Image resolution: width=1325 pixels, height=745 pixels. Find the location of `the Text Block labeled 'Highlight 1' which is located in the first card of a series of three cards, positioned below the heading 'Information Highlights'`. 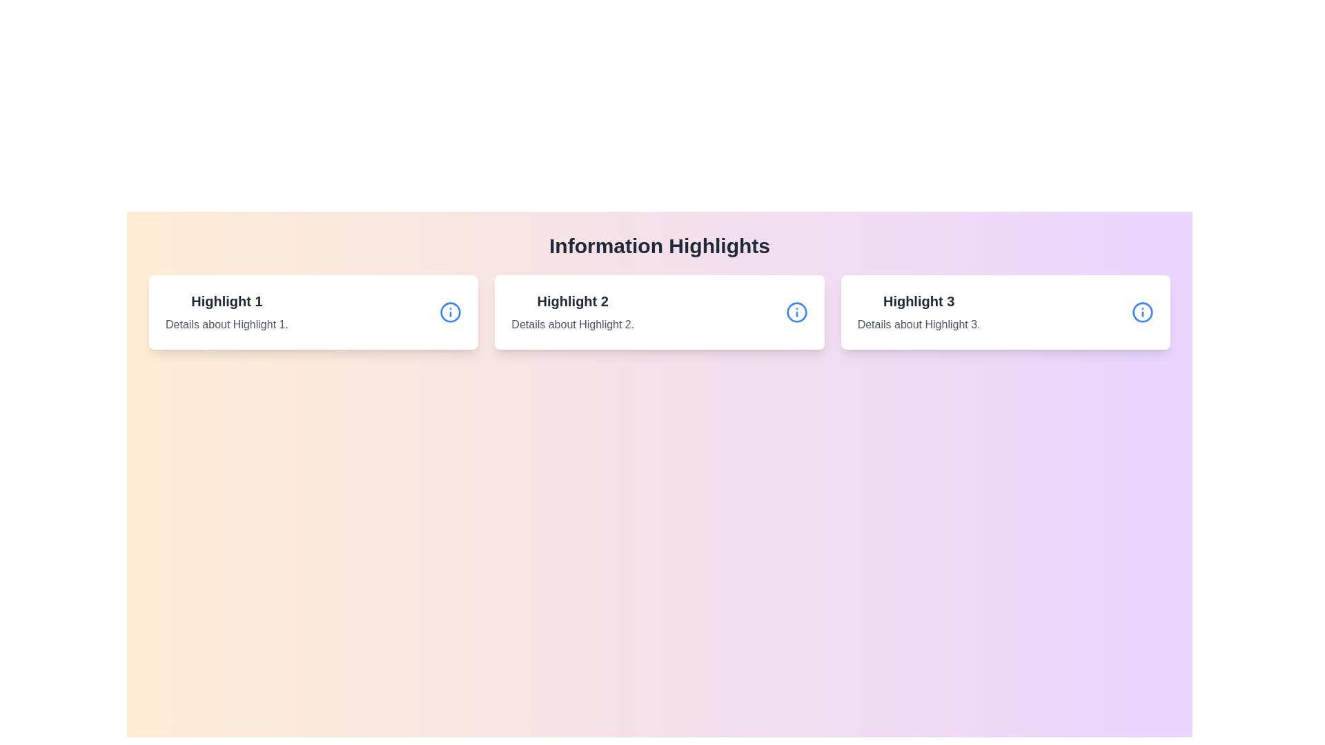

the Text Block labeled 'Highlight 1' which is located in the first card of a series of three cards, positioned below the heading 'Information Highlights' is located at coordinates (226, 312).